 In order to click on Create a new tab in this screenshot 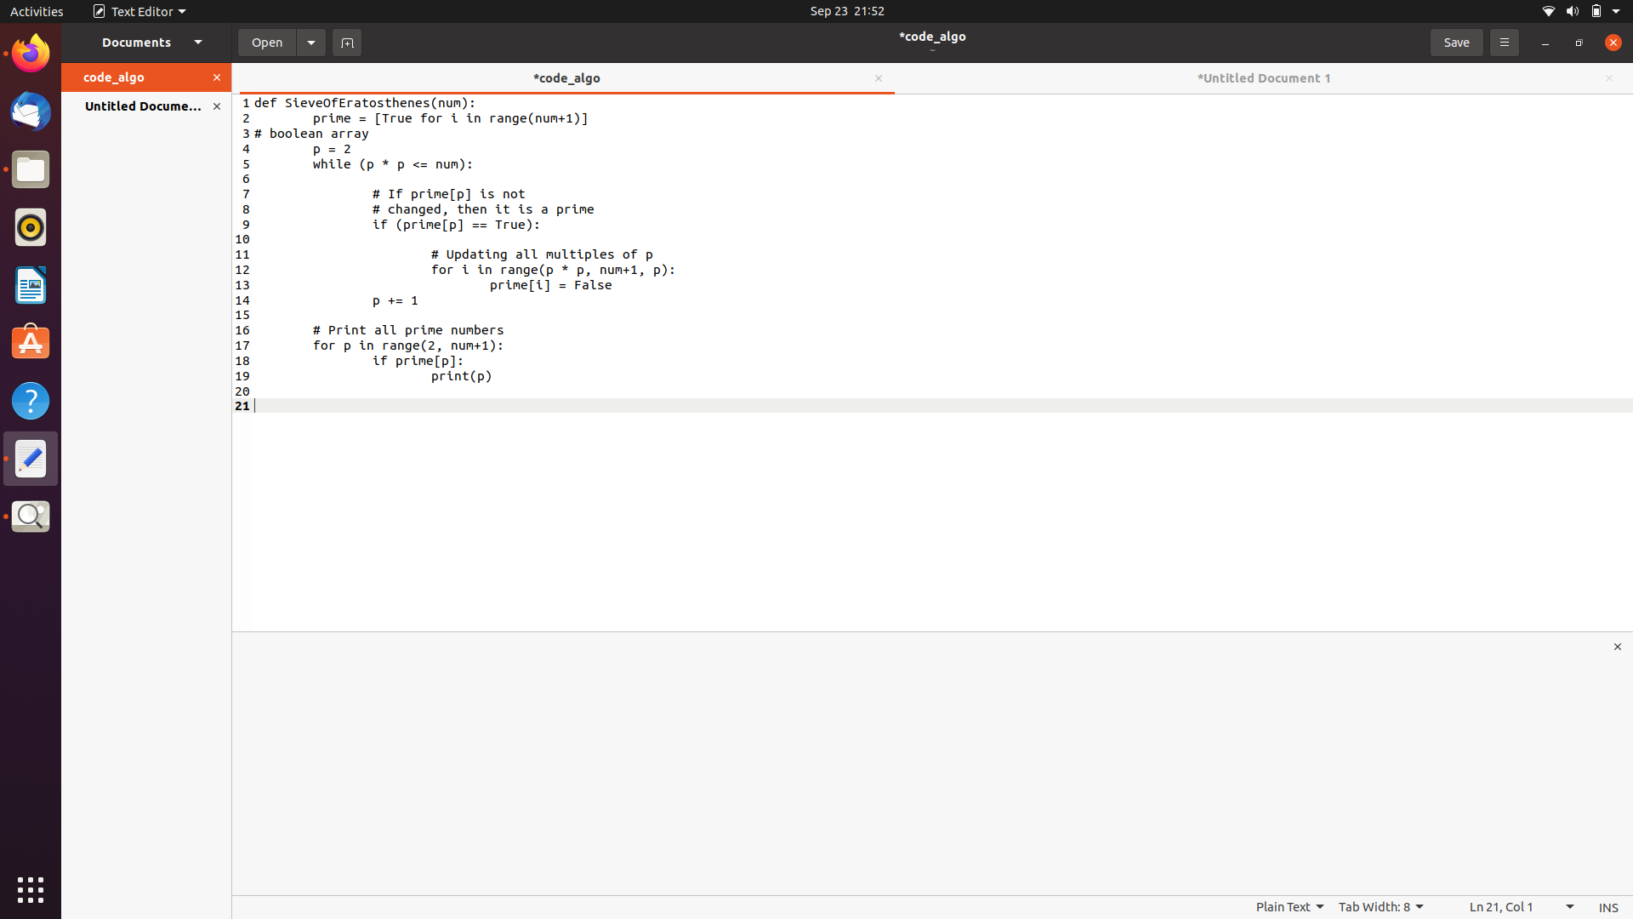, I will do `click(345, 41)`.